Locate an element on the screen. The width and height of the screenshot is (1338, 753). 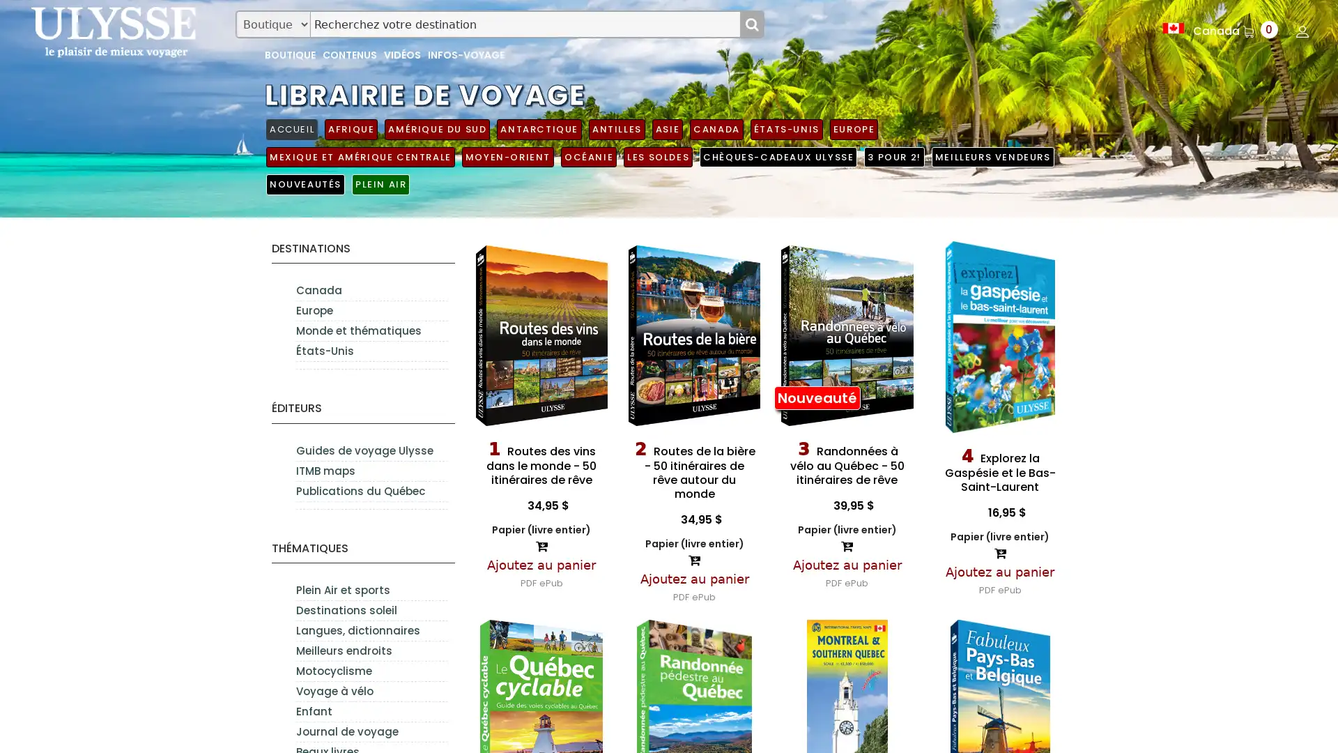
NOUVEAUTES is located at coordinates (305, 183).